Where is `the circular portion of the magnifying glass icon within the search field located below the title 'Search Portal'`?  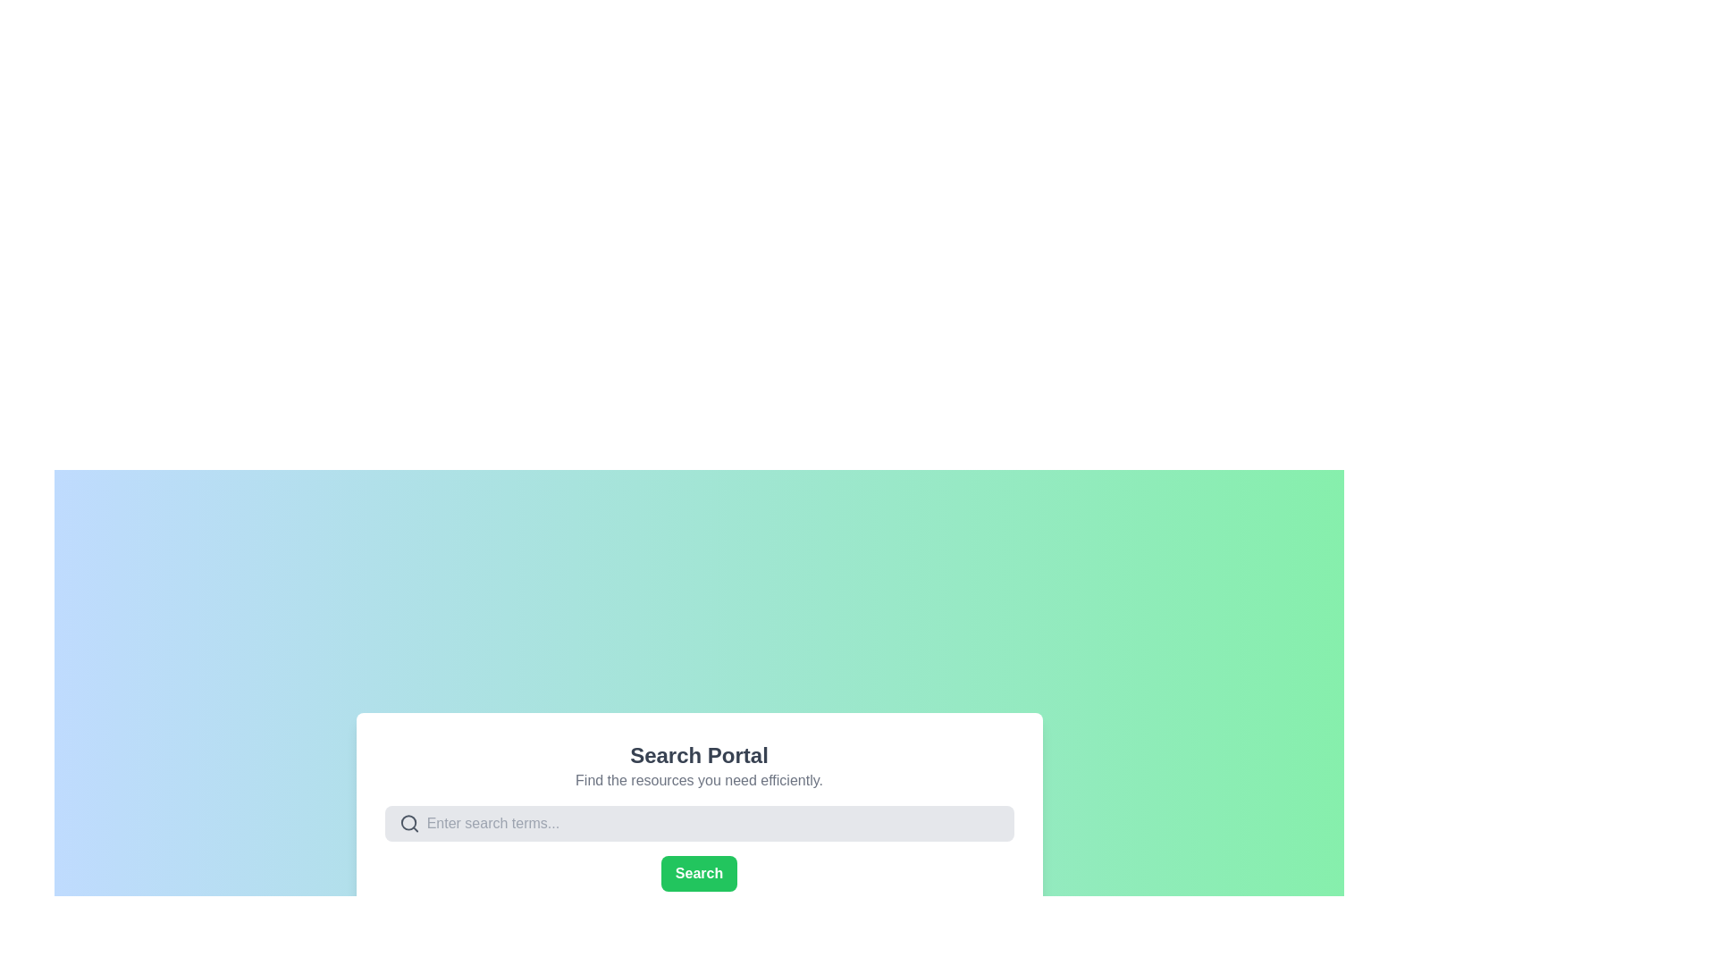 the circular portion of the magnifying glass icon within the search field located below the title 'Search Portal' is located at coordinates (408, 823).